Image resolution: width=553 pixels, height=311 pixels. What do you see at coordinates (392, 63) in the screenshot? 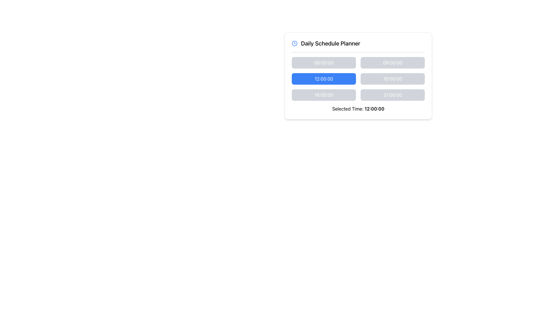
I see `the light gray button labeled '09:00:00' in the schedule component to observe its color change to blue` at bounding box center [392, 63].